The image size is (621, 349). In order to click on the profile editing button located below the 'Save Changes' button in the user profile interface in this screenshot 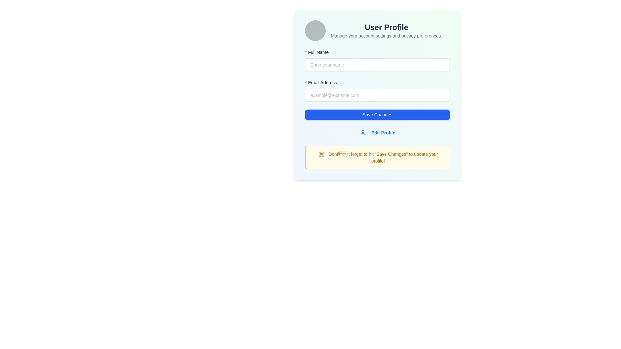, I will do `click(377, 132)`.